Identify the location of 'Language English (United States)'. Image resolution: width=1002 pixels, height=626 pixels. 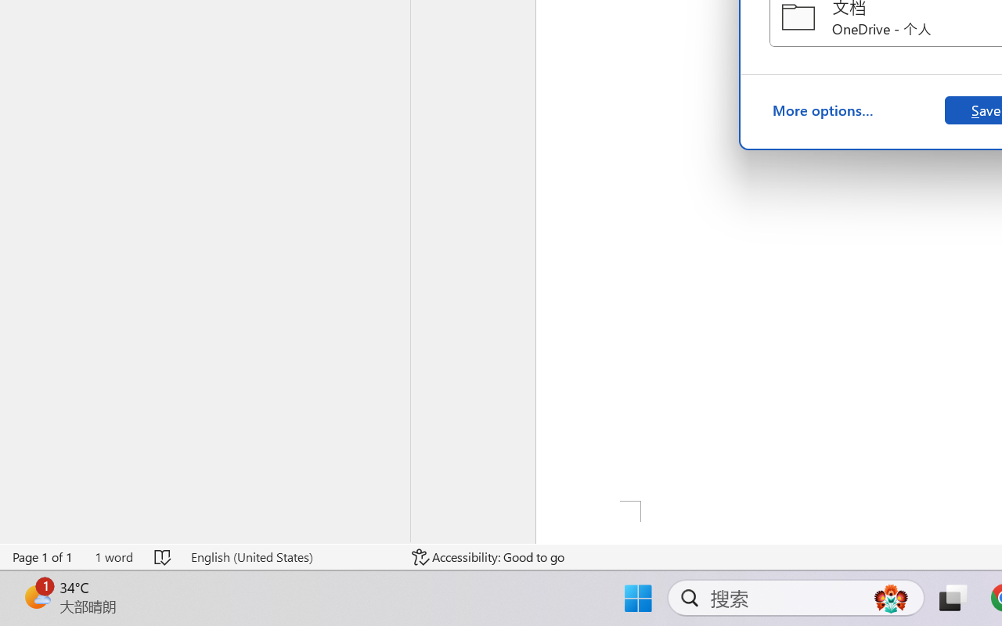
(290, 556).